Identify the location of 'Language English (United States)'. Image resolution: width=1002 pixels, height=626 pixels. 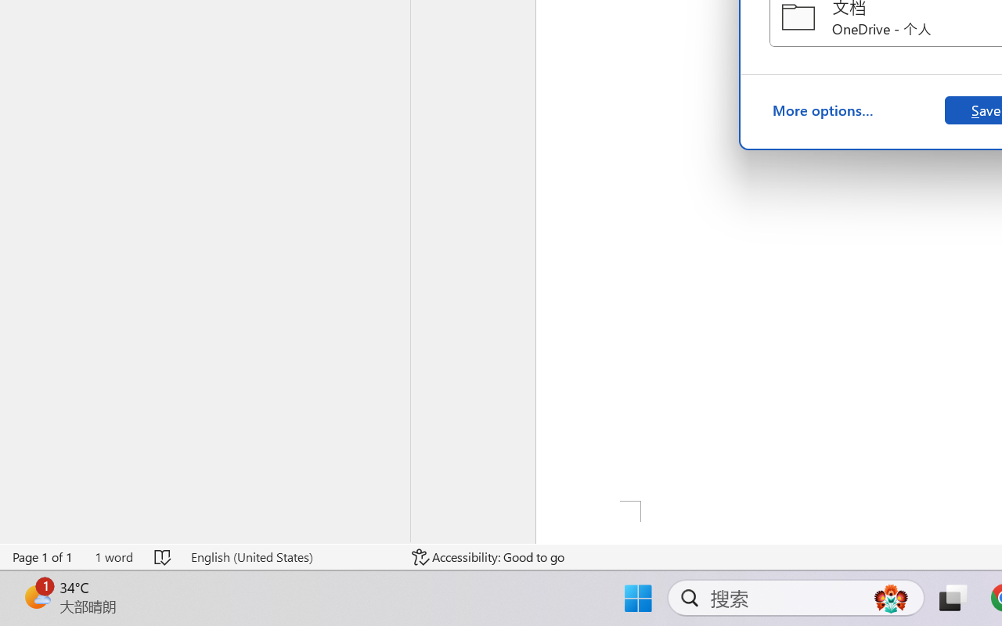
(290, 556).